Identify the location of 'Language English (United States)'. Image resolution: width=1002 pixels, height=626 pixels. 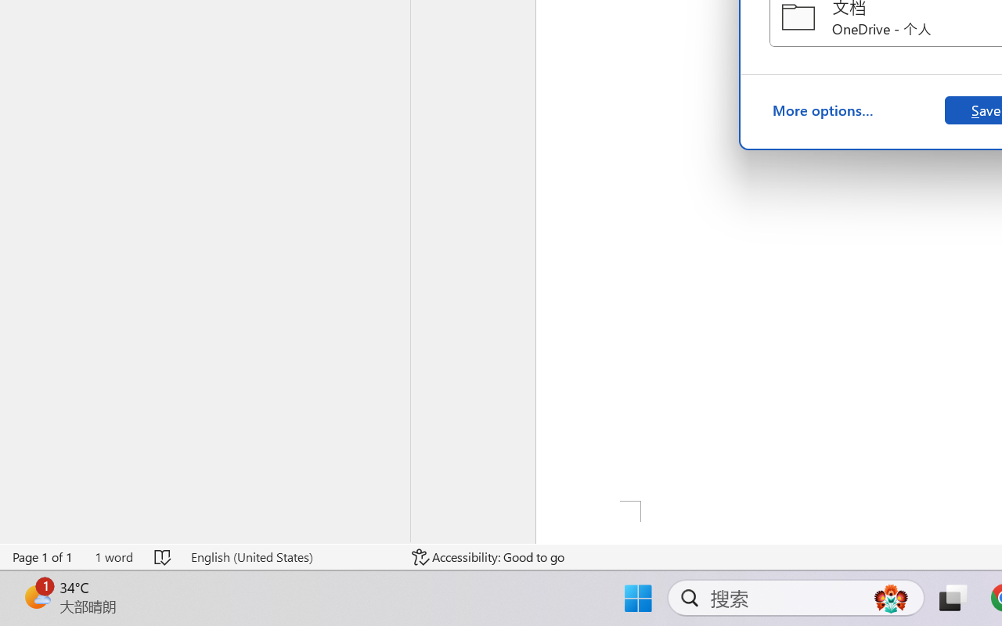
(290, 556).